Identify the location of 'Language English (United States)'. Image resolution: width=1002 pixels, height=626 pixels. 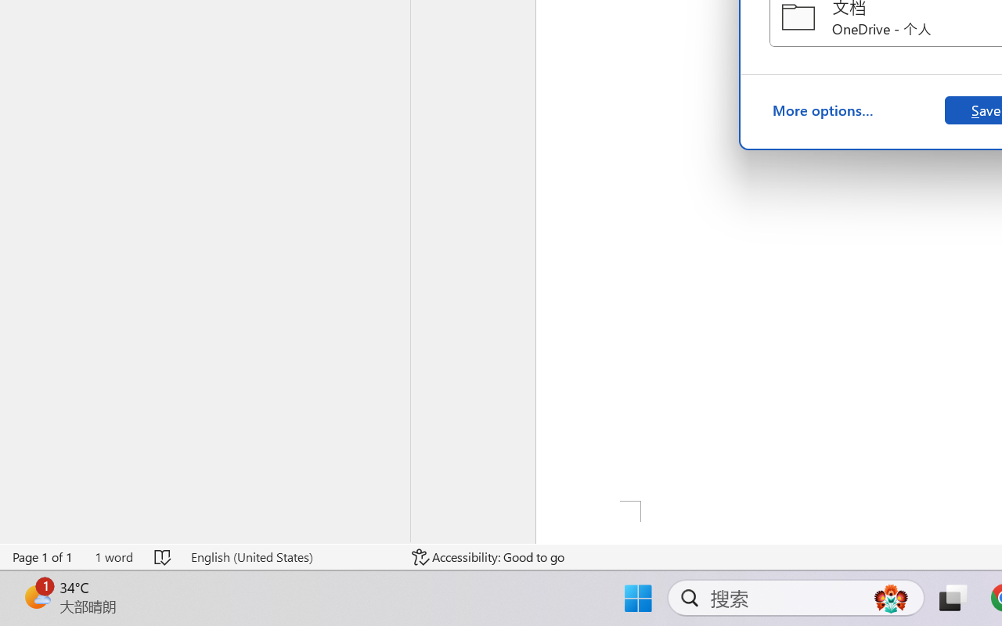
(290, 556).